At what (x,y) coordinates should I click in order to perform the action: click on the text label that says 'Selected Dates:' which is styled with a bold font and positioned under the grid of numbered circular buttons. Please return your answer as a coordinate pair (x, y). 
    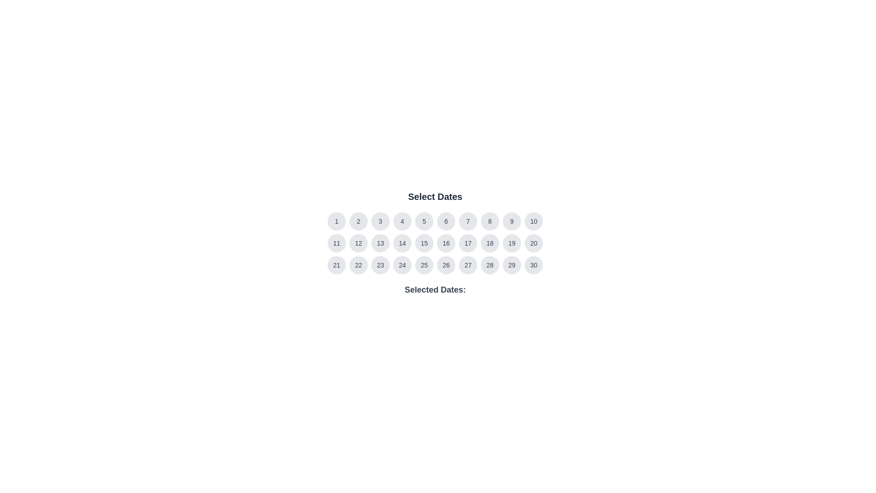
    Looking at the image, I should click on (435, 290).